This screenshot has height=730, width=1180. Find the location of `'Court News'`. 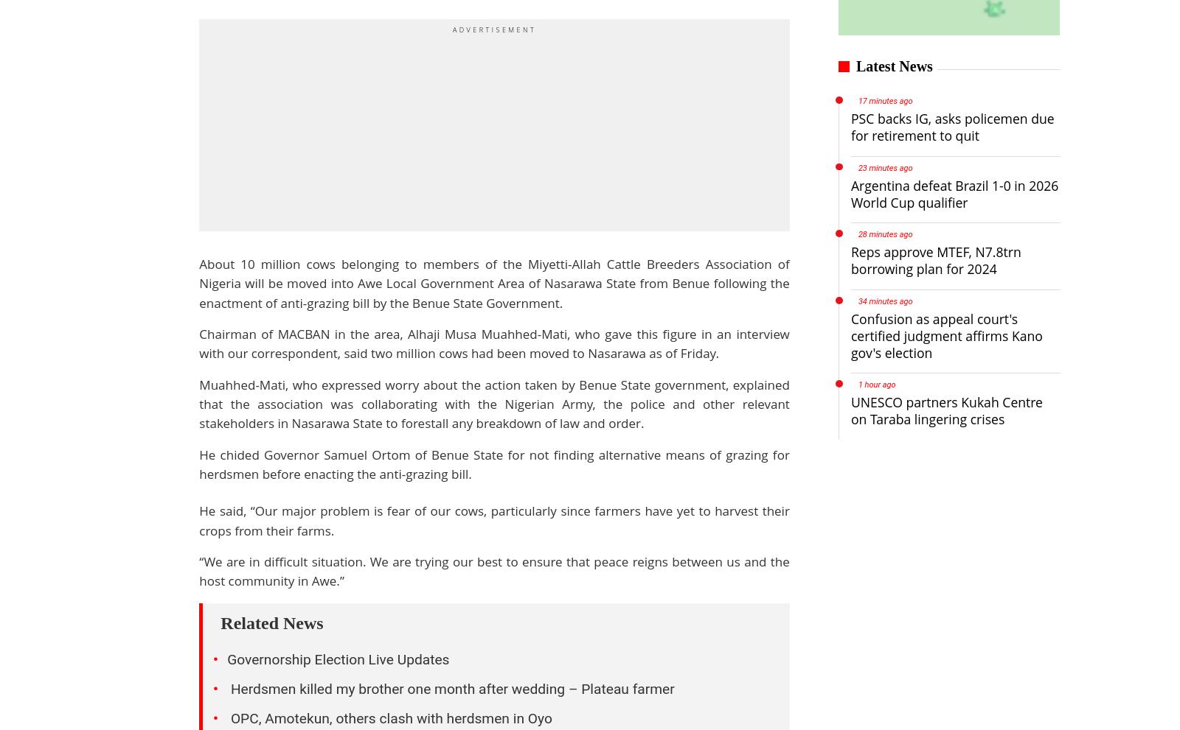

'Court News' is located at coordinates (448, 547).